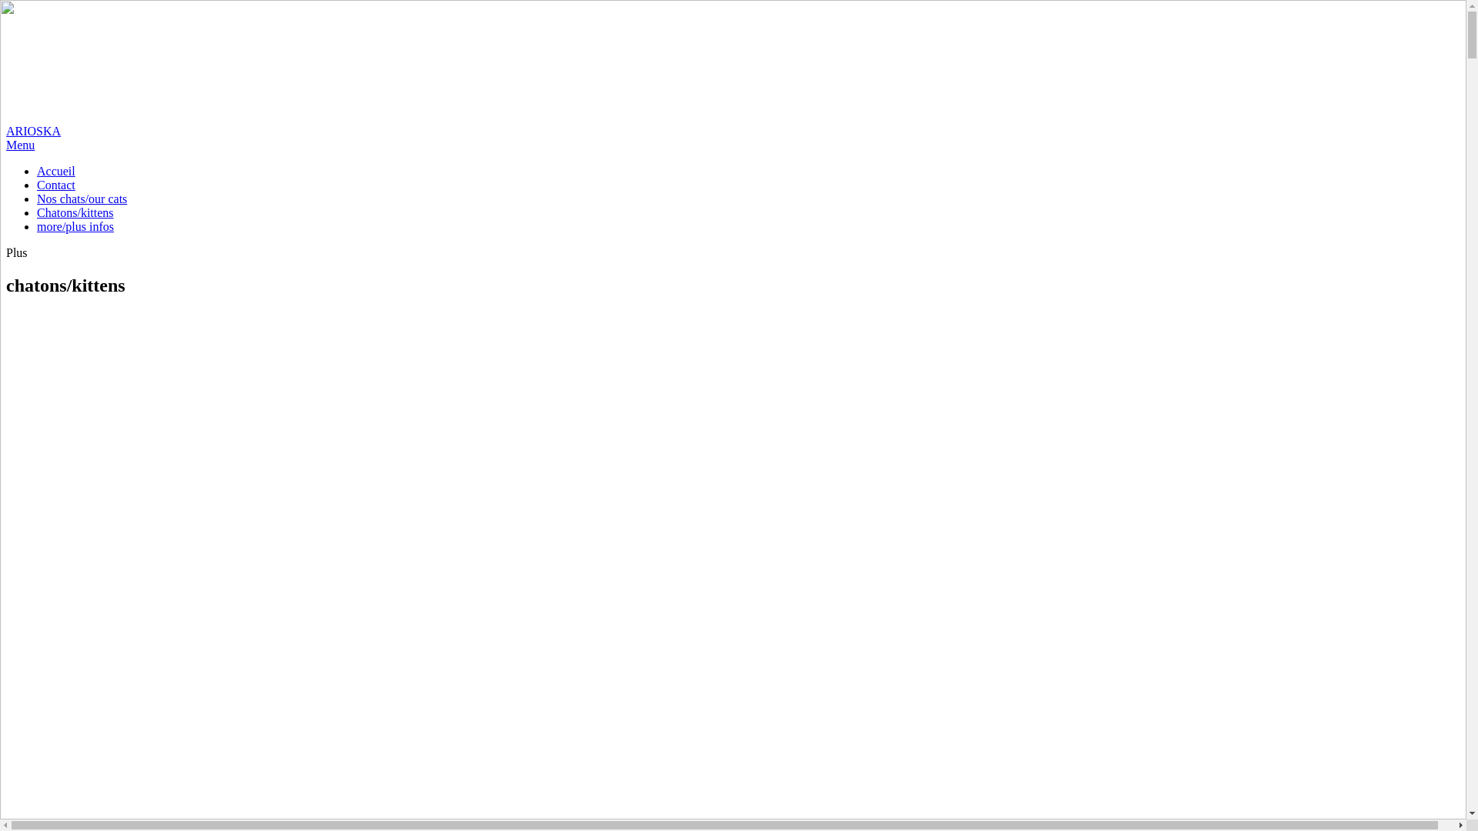  I want to click on 'Contact', so click(55, 184).